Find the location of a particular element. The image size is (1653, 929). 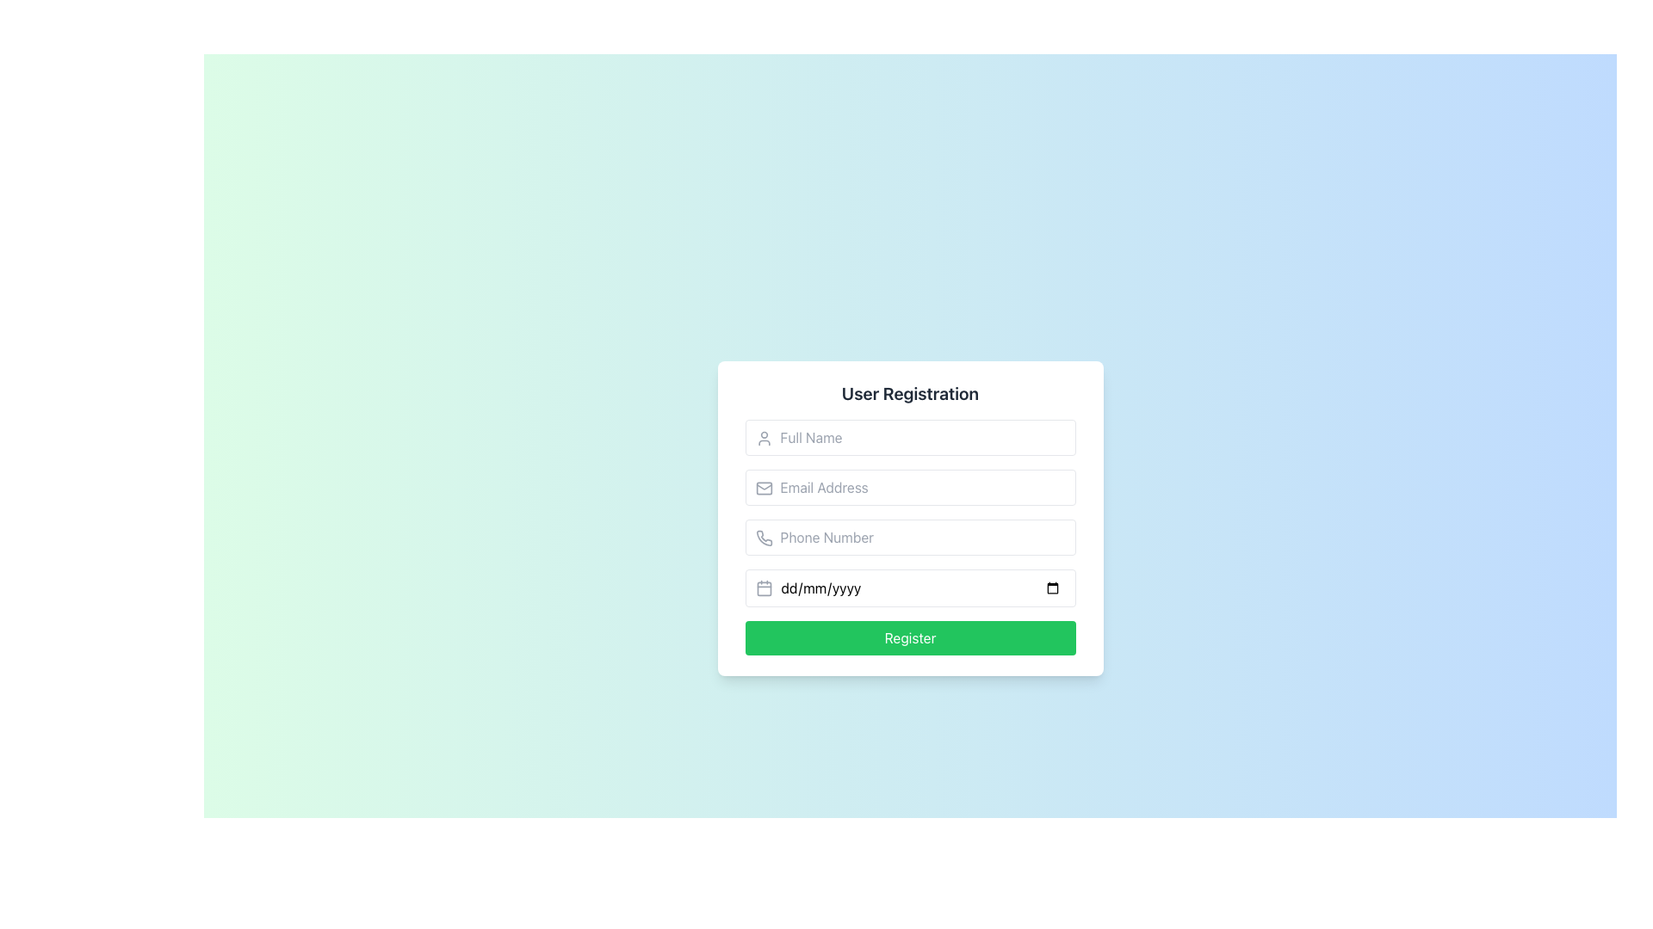

the user icon, which is a small circular shape with a head and shoulders silhouette, gray in color, located to the left of the 'Full Name' text input field in the 'User Registration' form is located at coordinates (763, 437).